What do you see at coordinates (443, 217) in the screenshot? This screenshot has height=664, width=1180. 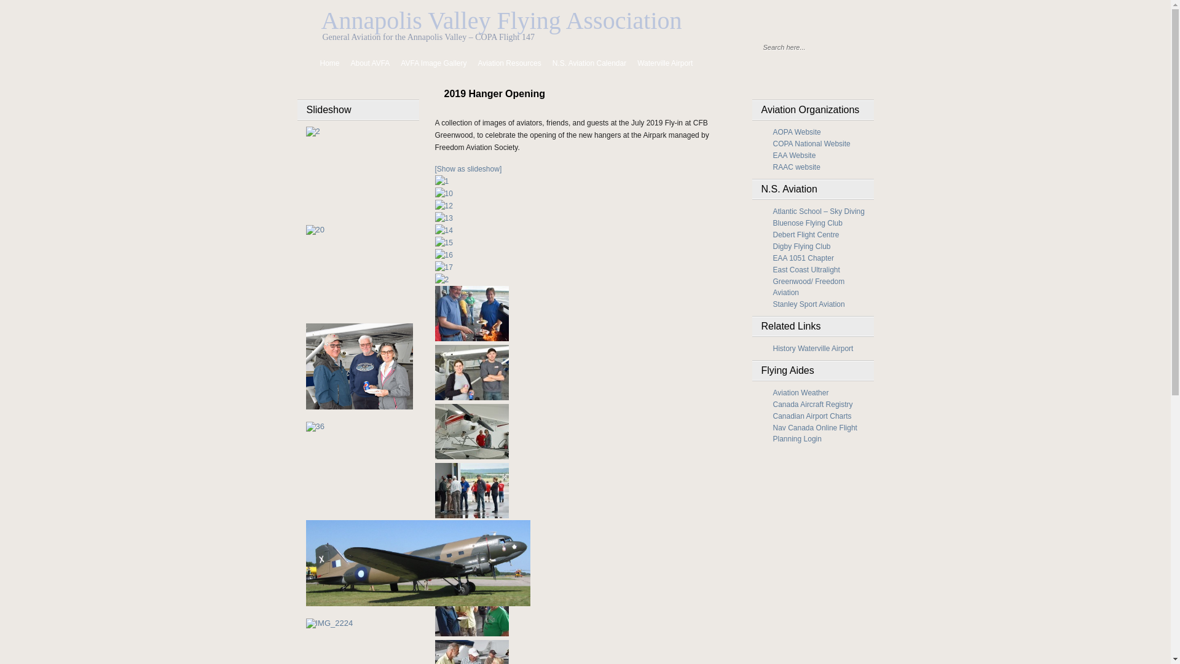 I see `'13'` at bounding box center [443, 217].